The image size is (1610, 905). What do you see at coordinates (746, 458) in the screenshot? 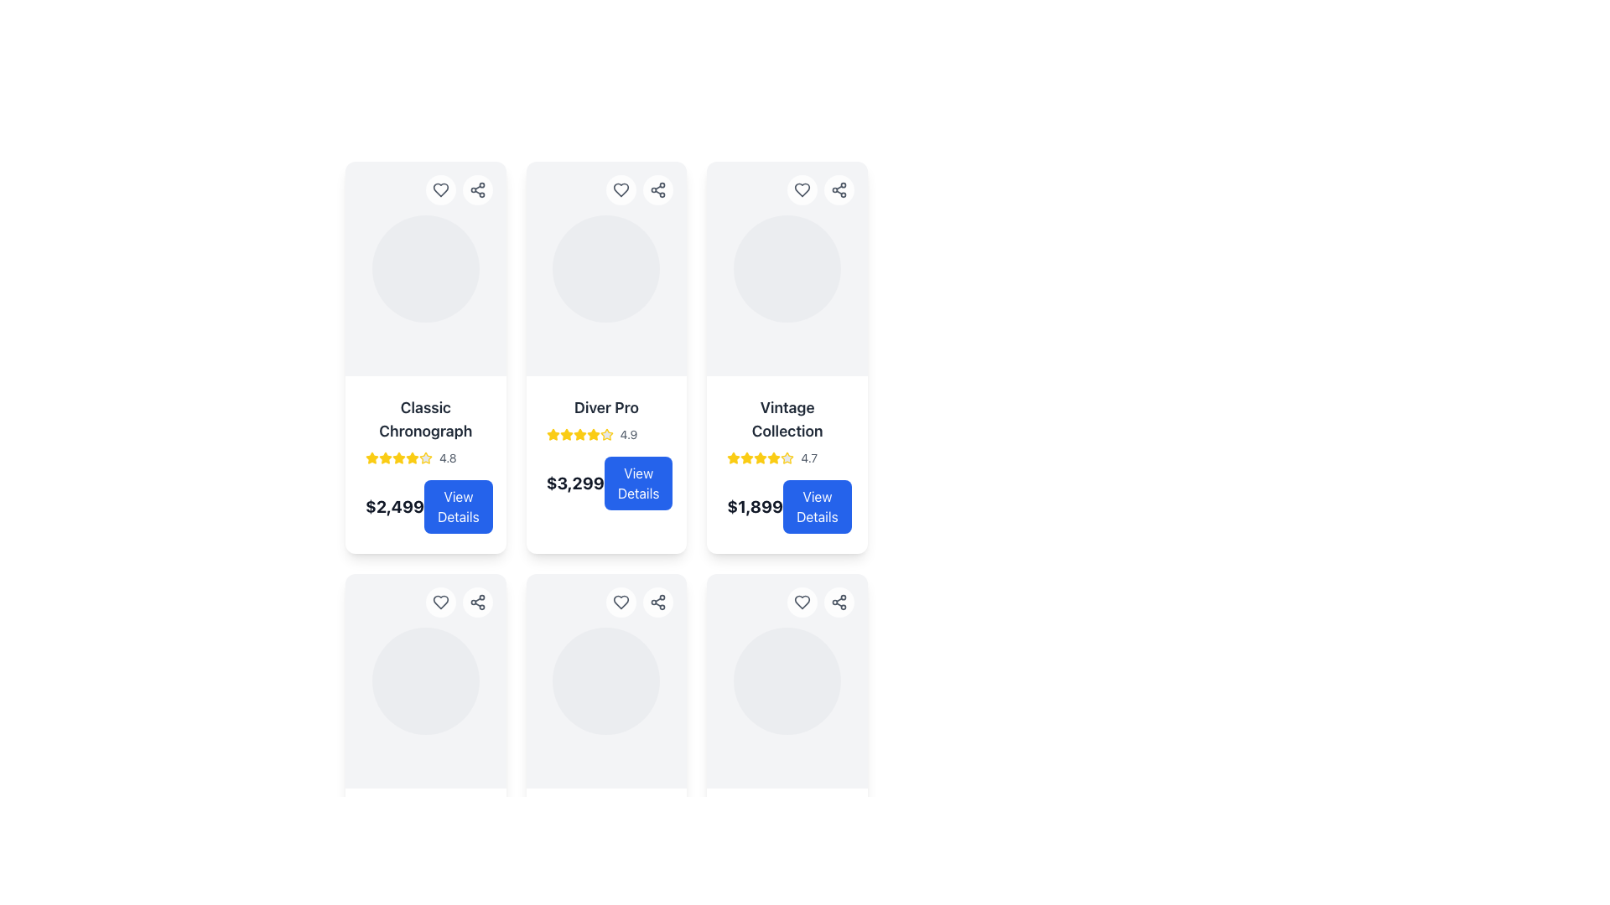
I see `the third star icon` at bounding box center [746, 458].